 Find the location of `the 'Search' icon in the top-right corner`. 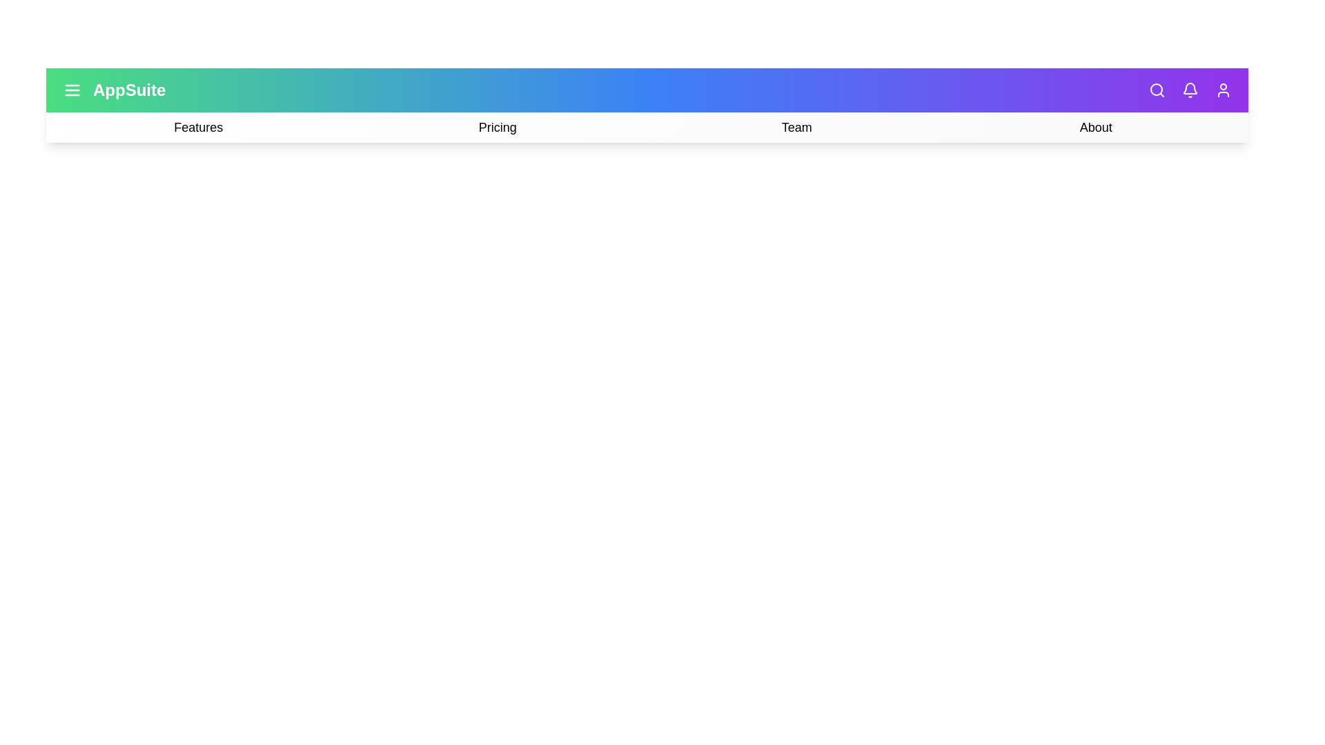

the 'Search' icon in the top-right corner is located at coordinates (1157, 90).